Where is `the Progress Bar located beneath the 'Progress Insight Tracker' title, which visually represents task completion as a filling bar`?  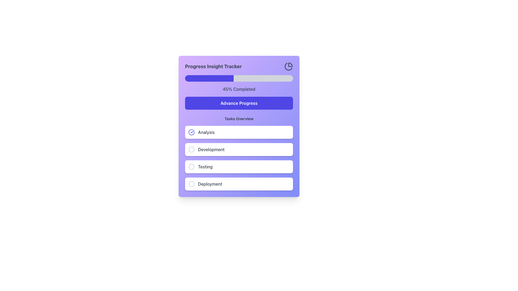
the Progress Bar located beneath the 'Progress Insight Tracker' title, which visually represents task completion as a filling bar is located at coordinates (209, 78).